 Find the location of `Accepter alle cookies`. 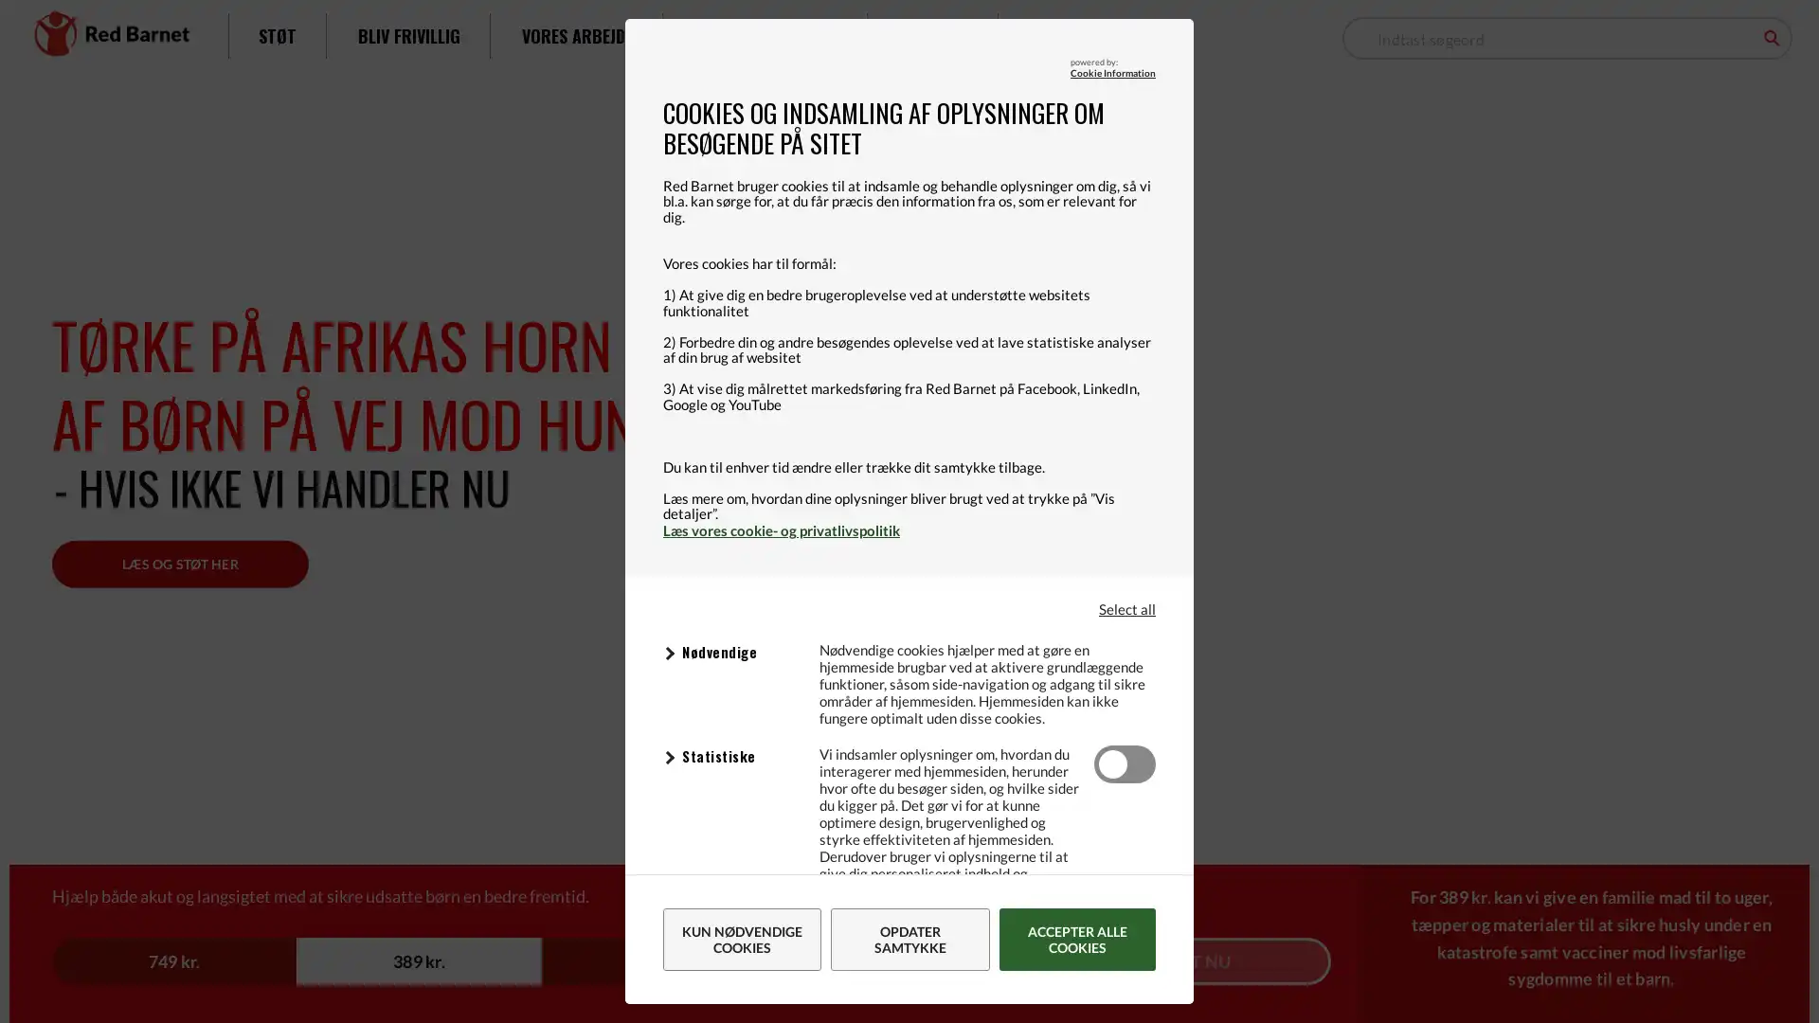

Accepter alle cookies is located at coordinates (1076, 939).